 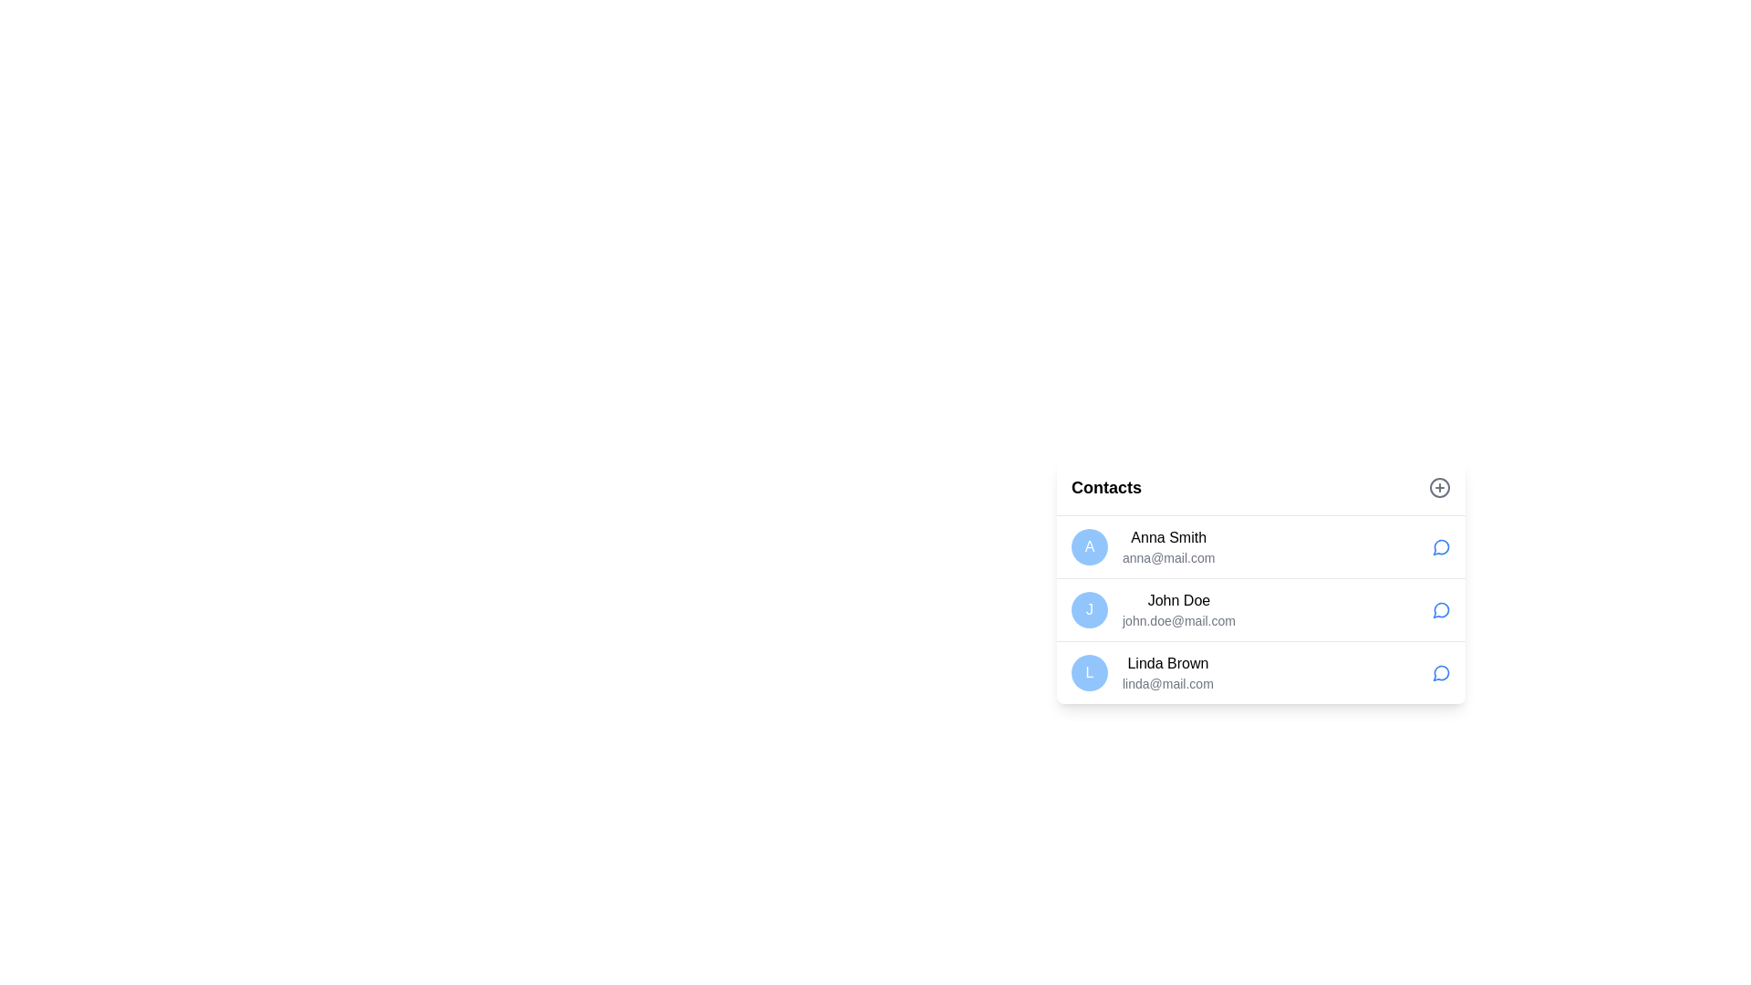 What do you see at coordinates (1152, 609) in the screenshot?
I see `the list item featuring a circular avatar with 'J', the name 'John Doe', and the email 'john.doe@mail.com', which is the second contact in the list` at bounding box center [1152, 609].